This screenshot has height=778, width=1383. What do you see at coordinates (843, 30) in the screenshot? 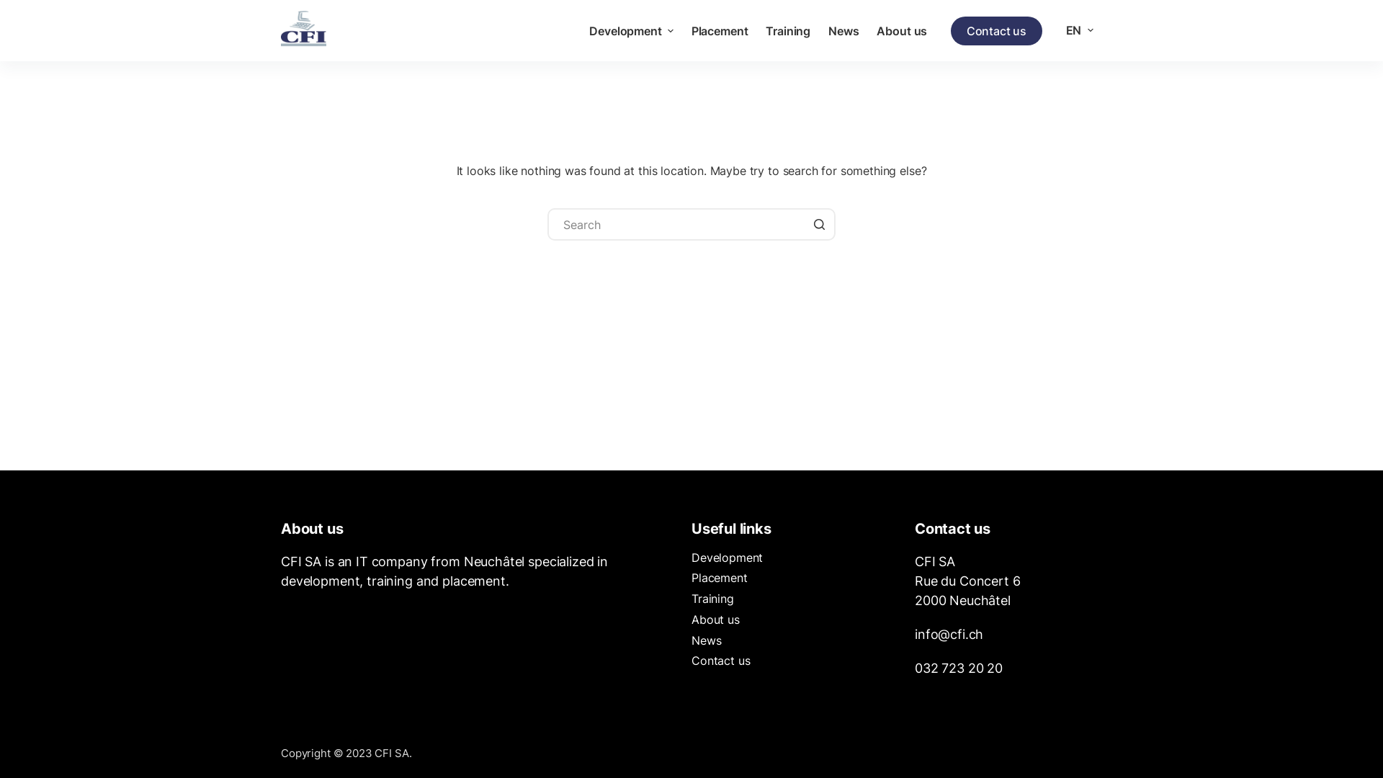
I see `'News'` at bounding box center [843, 30].